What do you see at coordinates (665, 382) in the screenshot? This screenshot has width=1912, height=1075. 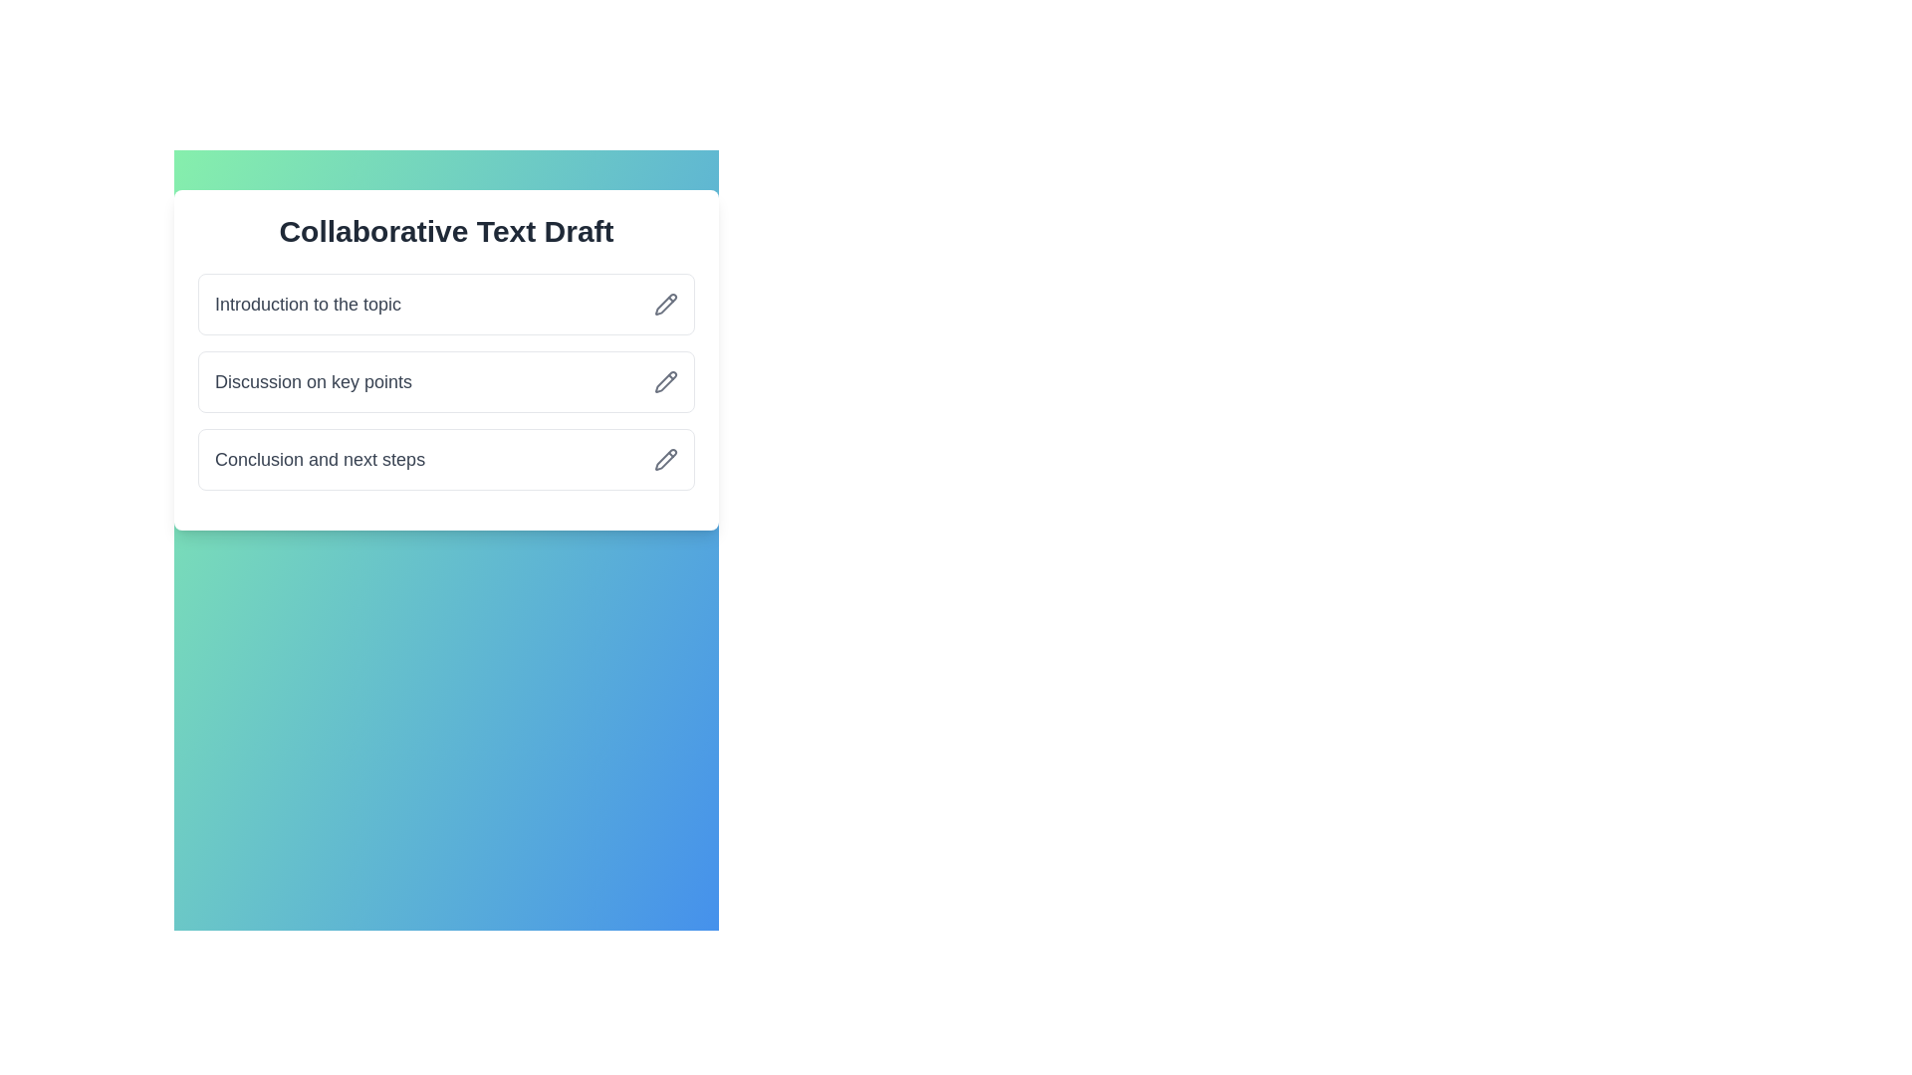 I see `the pencil icon located to the right of the 'Discussion on key points' text entry` at bounding box center [665, 382].